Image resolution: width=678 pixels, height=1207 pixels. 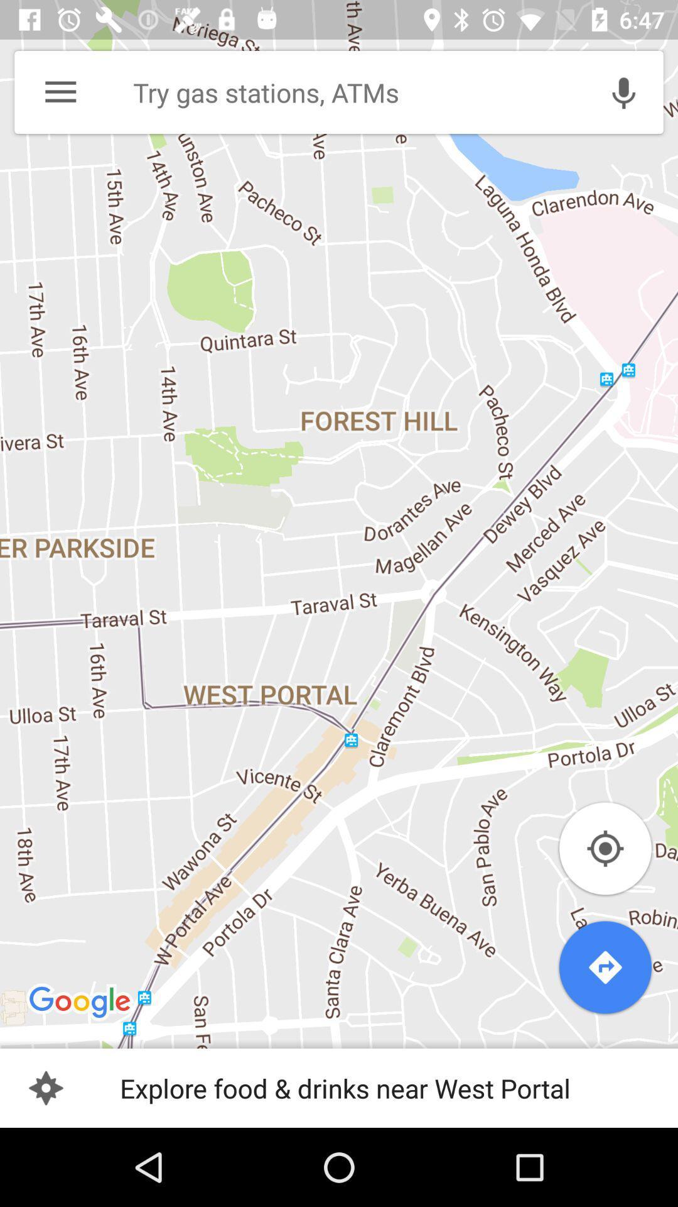 What do you see at coordinates (624, 92) in the screenshot?
I see `the microphone option` at bounding box center [624, 92].